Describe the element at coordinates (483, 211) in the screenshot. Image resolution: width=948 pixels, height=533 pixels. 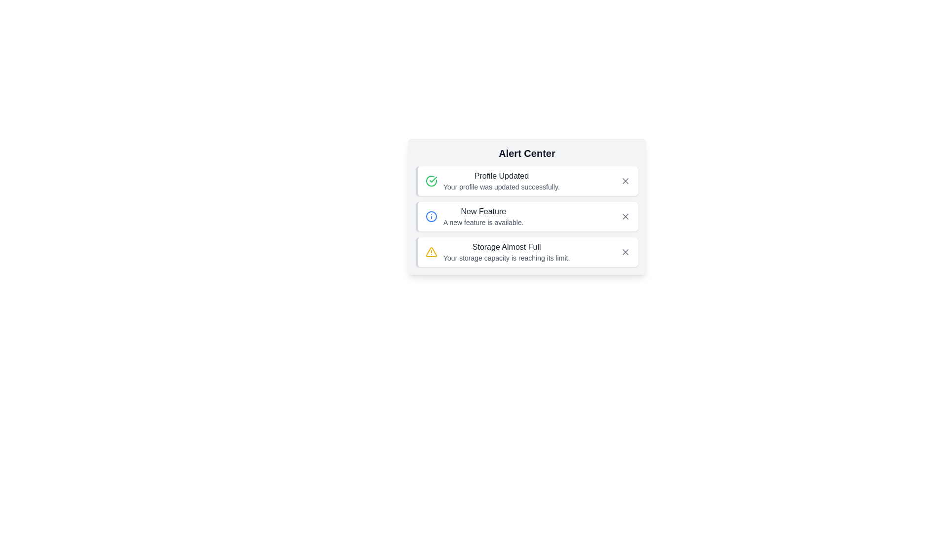
I see `text of the Text Label that serves as the title of a notification item, located in the middle of the Alert Center list, above the description 'A new feature is available.'` at that location.